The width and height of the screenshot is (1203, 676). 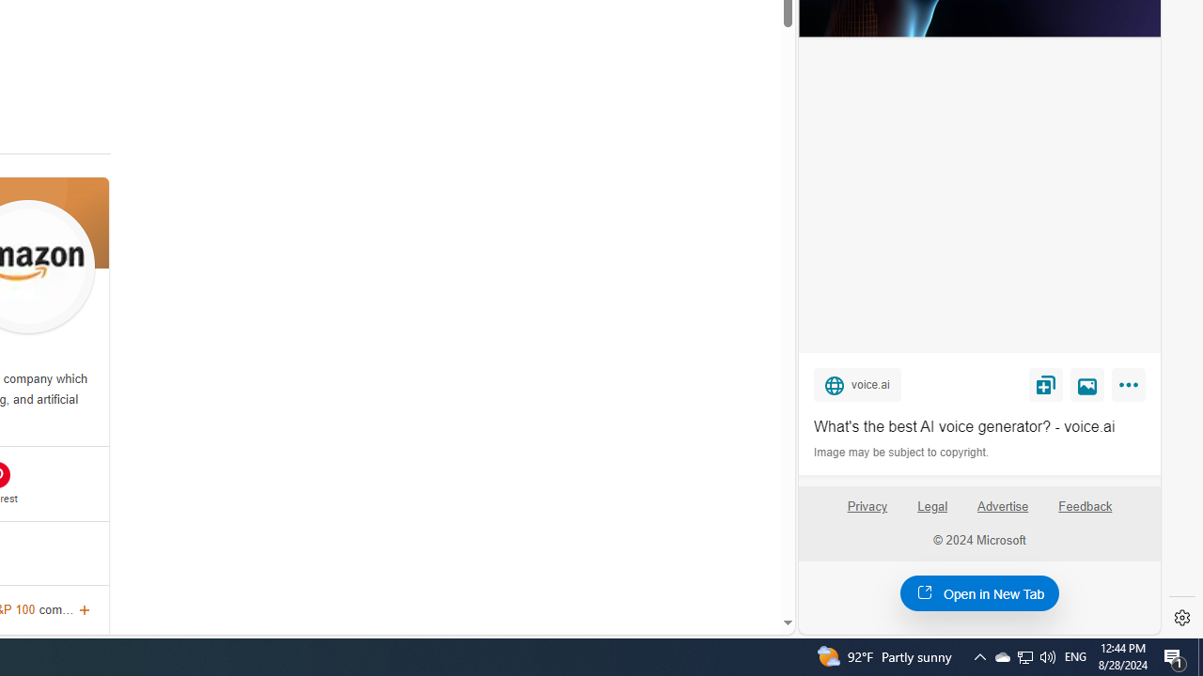 What do you see at coordinates (902, 453) in the screenshot?
I see `'Image may be subject to copyright.'` at bounding box center [902, 453].